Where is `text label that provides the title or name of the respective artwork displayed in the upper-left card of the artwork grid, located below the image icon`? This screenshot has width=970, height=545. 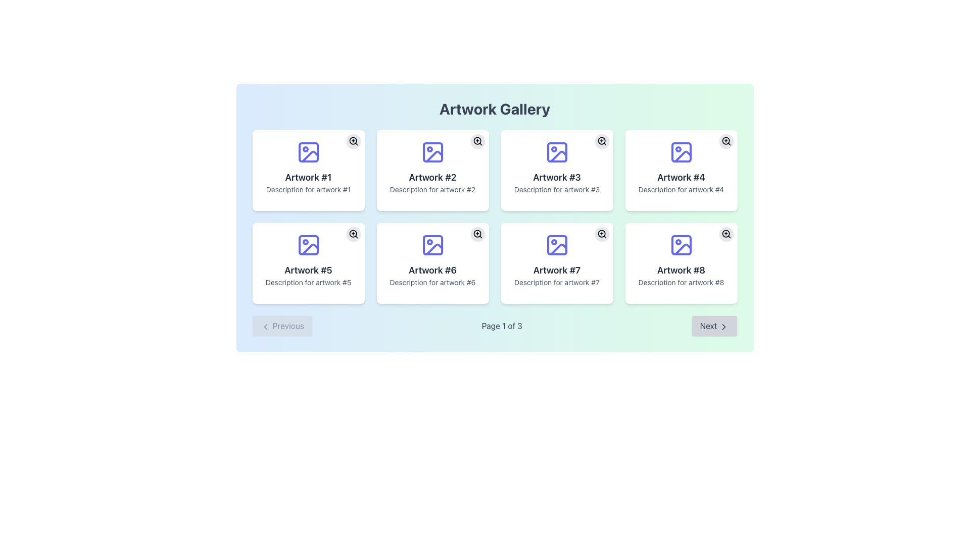
text label that provides the title or name of the respective artwork displayed in the upper-left card of the artwork grid, located below the image icon is located at coordinates (308, 177).